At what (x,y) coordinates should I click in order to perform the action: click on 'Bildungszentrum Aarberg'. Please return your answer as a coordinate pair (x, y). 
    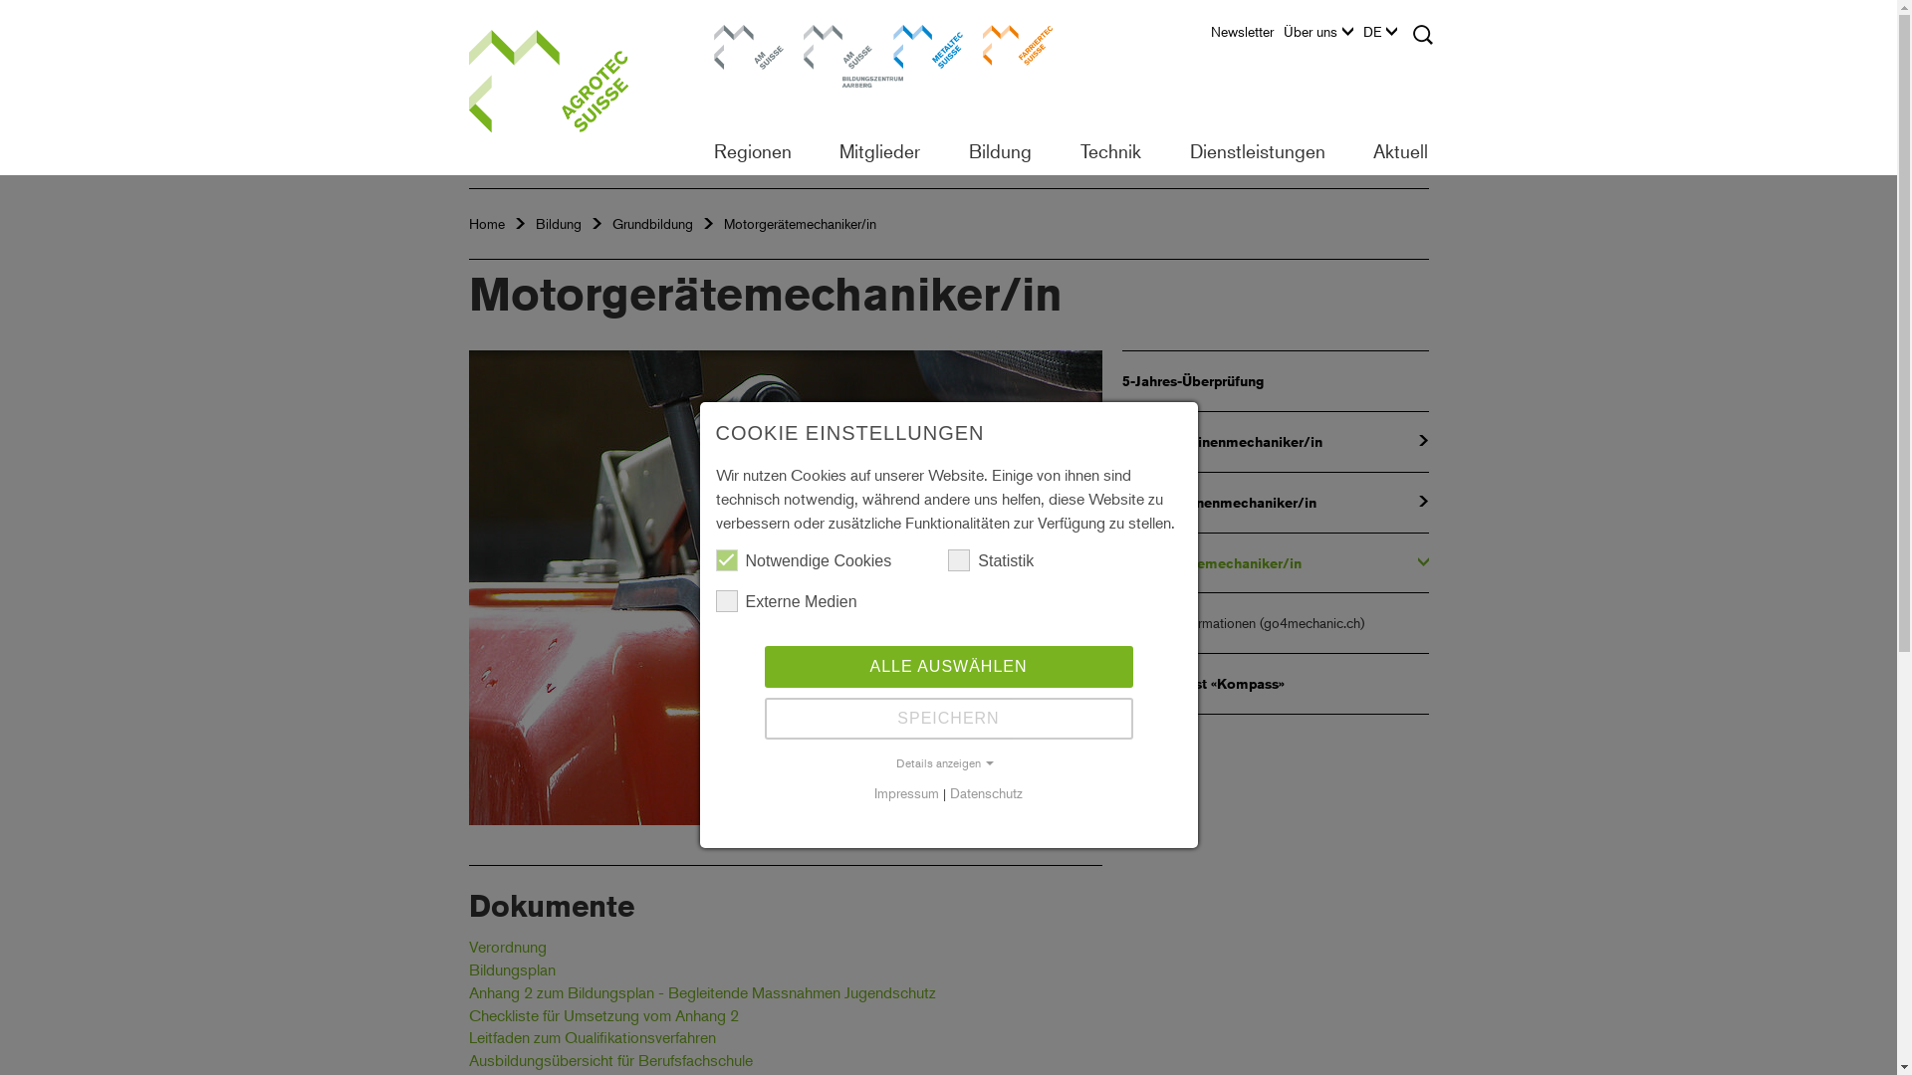
    Looking at the image, I should click on (836, 59).